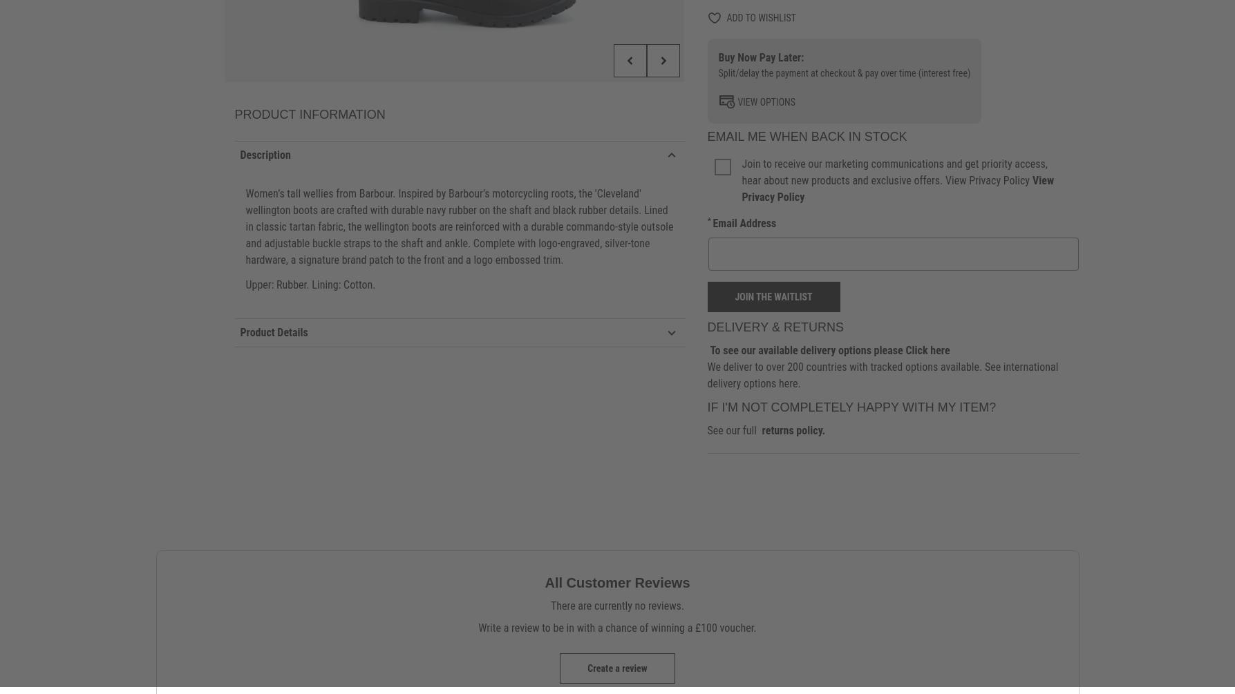 The height and width of the screenshot is (694, 1235). I want to click on 'Upper: Rubber. Lining: Cotton.', so click(310, 284).